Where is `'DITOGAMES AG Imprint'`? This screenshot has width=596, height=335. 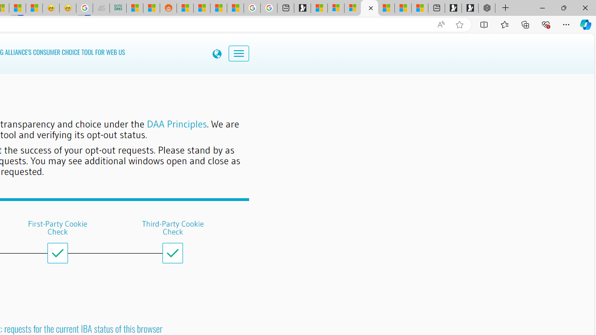
'DITOGAMES AG Imprint' is located at coordinates (117, 8).